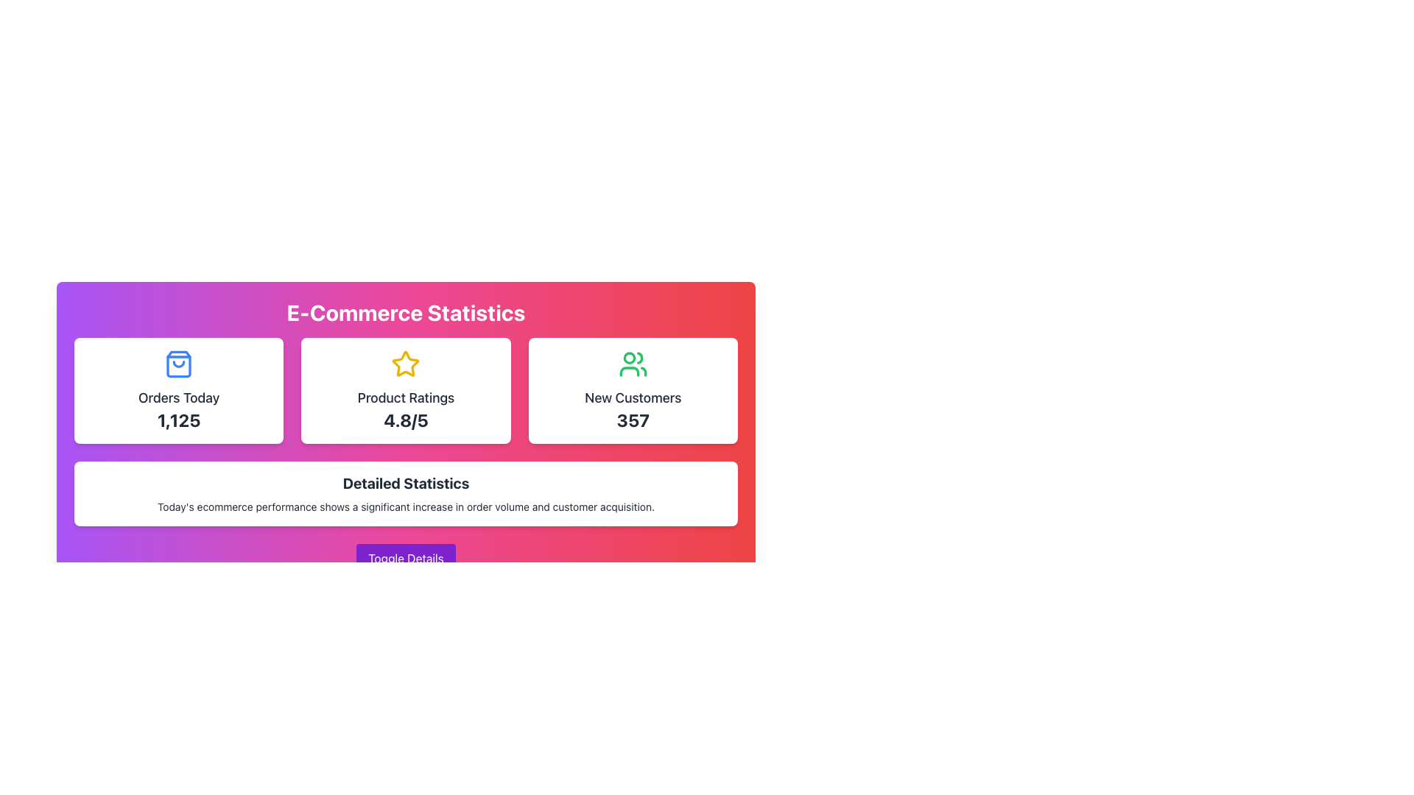  What do you see at coordinates (629, 358) in the screenshot?
I see `the decorative Circle element within the SVG that represents users in the 'New Customers' statistics section` at bounding box center [629, 358].